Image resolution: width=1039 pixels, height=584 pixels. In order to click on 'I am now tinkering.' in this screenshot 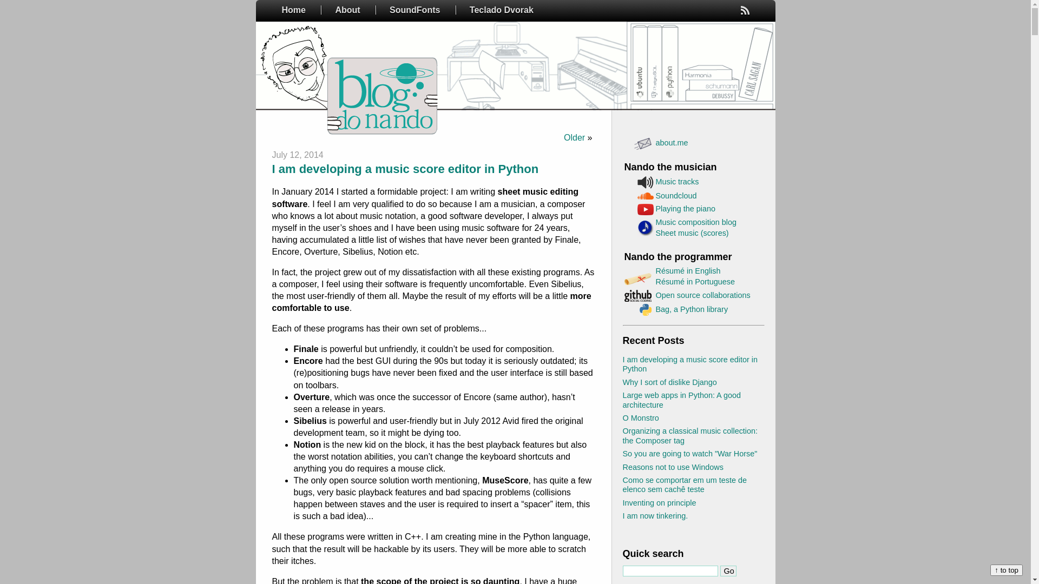, I will do `click(654, 515)`.